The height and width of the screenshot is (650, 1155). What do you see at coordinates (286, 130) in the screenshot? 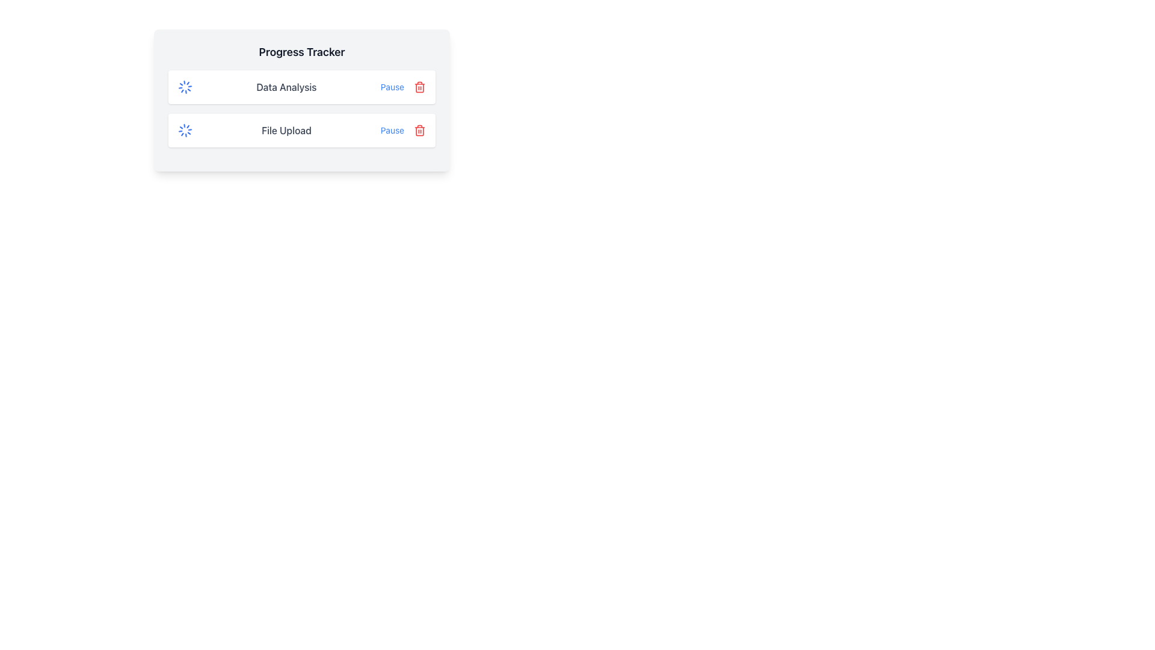
I see `the 'File Upload' text label, which is the second label under the 'Progress Tracker' card, displayed in medium gray font` at bounding box center [286, 130].